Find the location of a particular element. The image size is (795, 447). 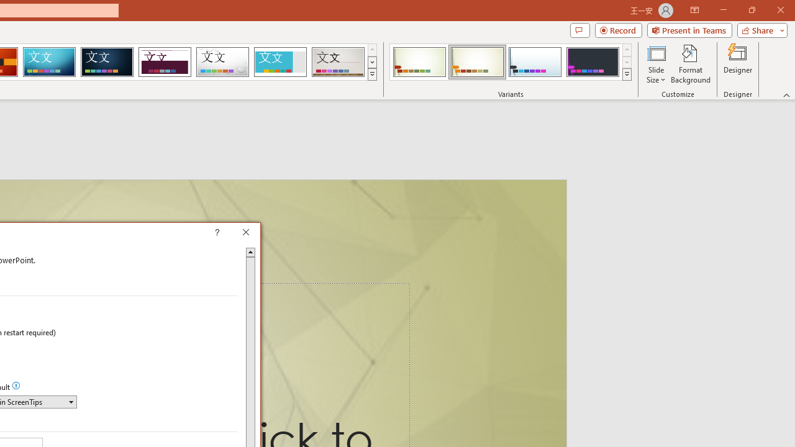

'Wisp Variant 1' is located at coordinates (419, 62).